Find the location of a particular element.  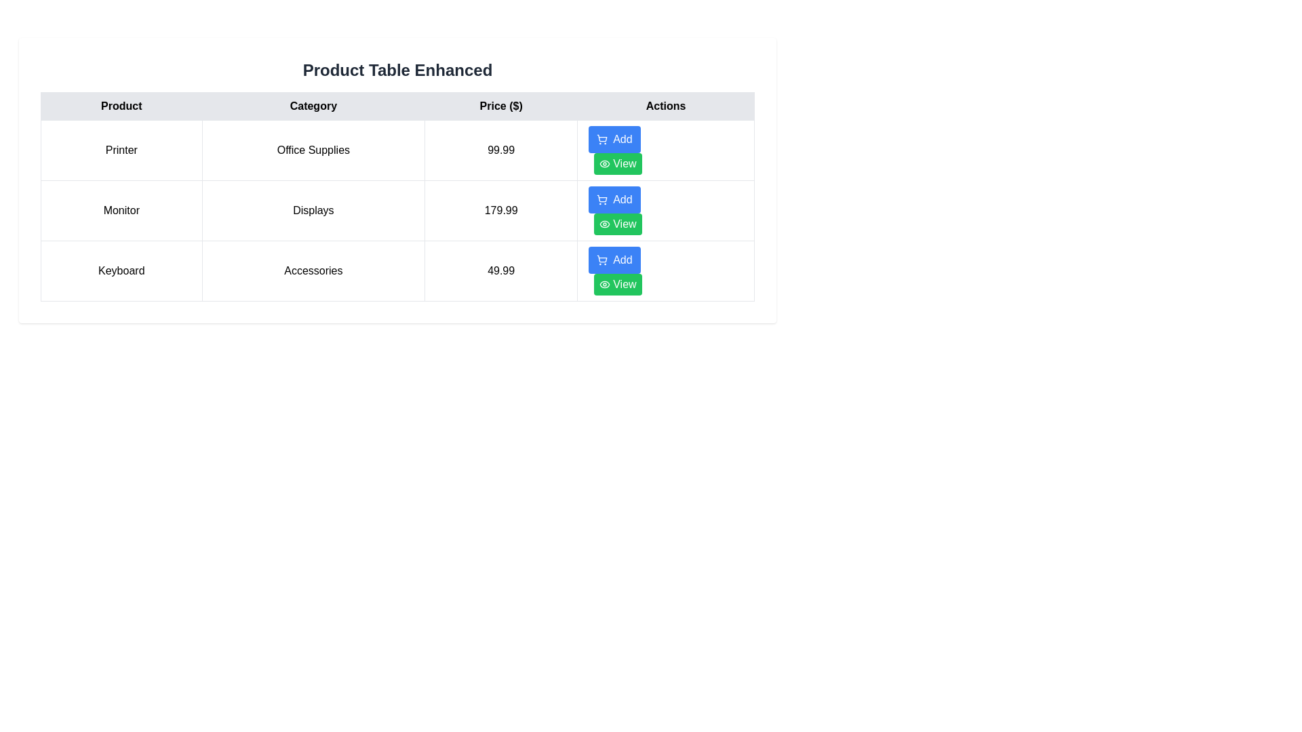

the 'Accessories' text label, which is styled with a border and padding, located in the second cell of the 'Keyboard' row under the 'Category' column in the table is located at coordinates (313, 271).